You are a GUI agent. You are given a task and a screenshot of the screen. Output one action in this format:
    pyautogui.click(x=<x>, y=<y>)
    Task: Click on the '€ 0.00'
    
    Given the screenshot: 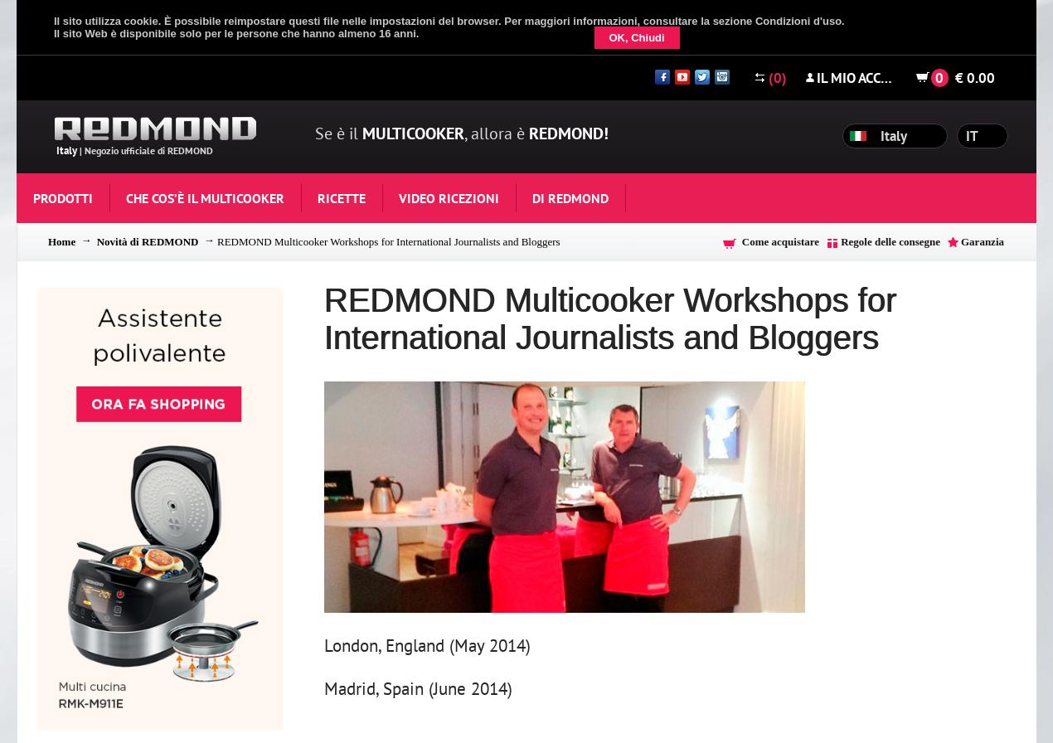 What is the action you would take?
    pyautogui.click(x=974, y=77)
    